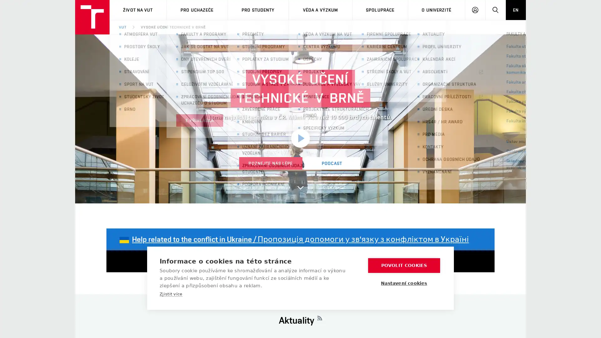  Describe the element at coordinates (404, 265) in the screenshot. I see `POVOLIT COOKIES` at that location.